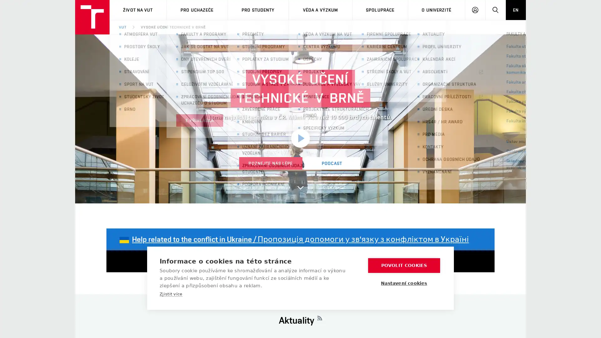  Describe the element at coordinates (404, 265) in the screenshot. I see `POVOLIT COOKIES` at that location.